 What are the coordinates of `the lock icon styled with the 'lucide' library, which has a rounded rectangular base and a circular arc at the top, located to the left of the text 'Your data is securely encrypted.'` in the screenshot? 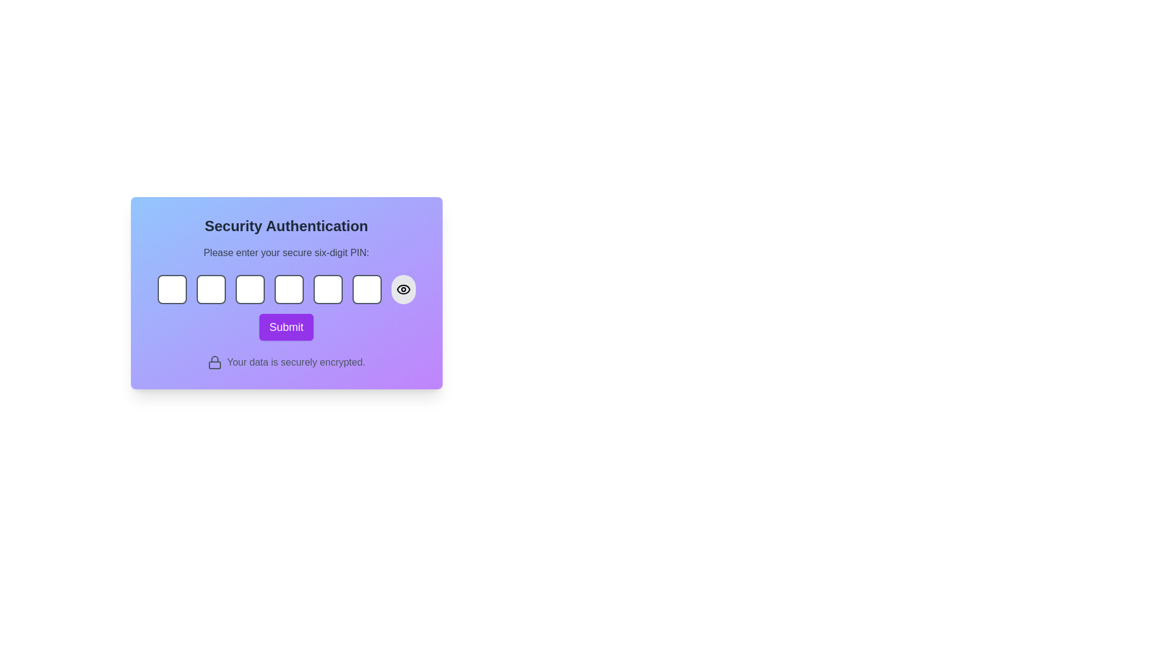 It's located at (214, 362).